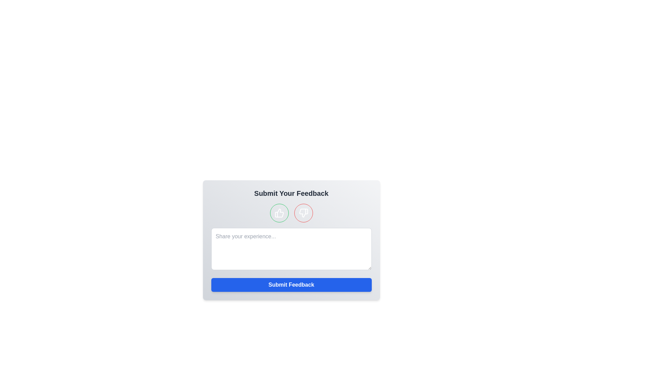  What do you see at coordinates (291, 213) in the screenshot?
I see `the thumbs-up or thumbs-down button in the Interactive button group below the 'Submit Your Feedback' title` at bounding box center [291, 213].